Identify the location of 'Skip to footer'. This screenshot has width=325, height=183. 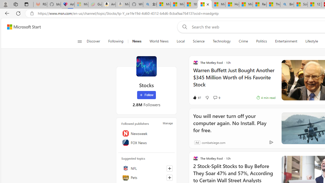
(21, 27).